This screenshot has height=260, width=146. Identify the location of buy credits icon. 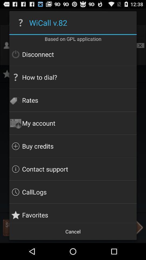
(73, 146).